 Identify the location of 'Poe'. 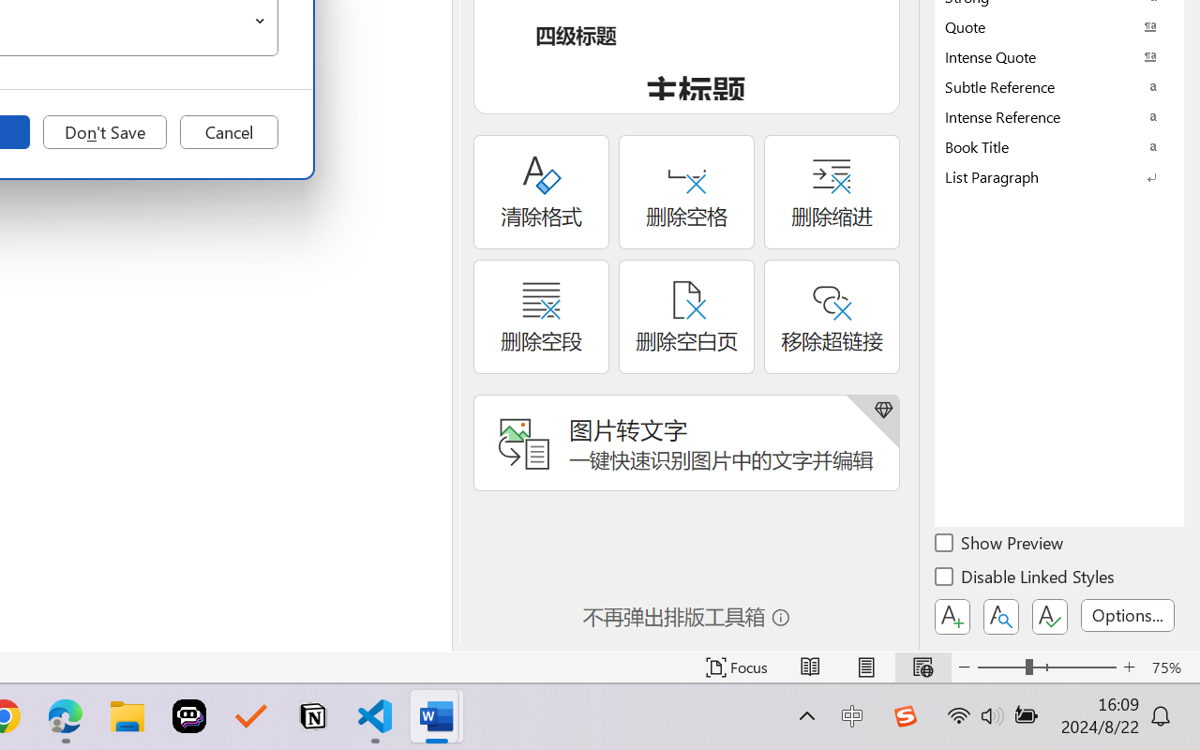
(189, 716).